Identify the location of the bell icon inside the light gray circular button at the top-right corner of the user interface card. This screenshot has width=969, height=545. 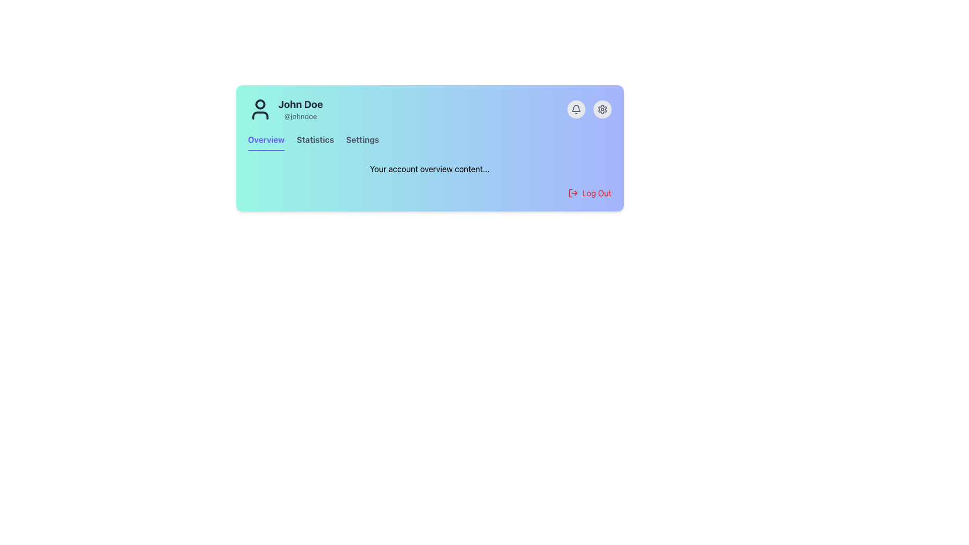
(576, 109).